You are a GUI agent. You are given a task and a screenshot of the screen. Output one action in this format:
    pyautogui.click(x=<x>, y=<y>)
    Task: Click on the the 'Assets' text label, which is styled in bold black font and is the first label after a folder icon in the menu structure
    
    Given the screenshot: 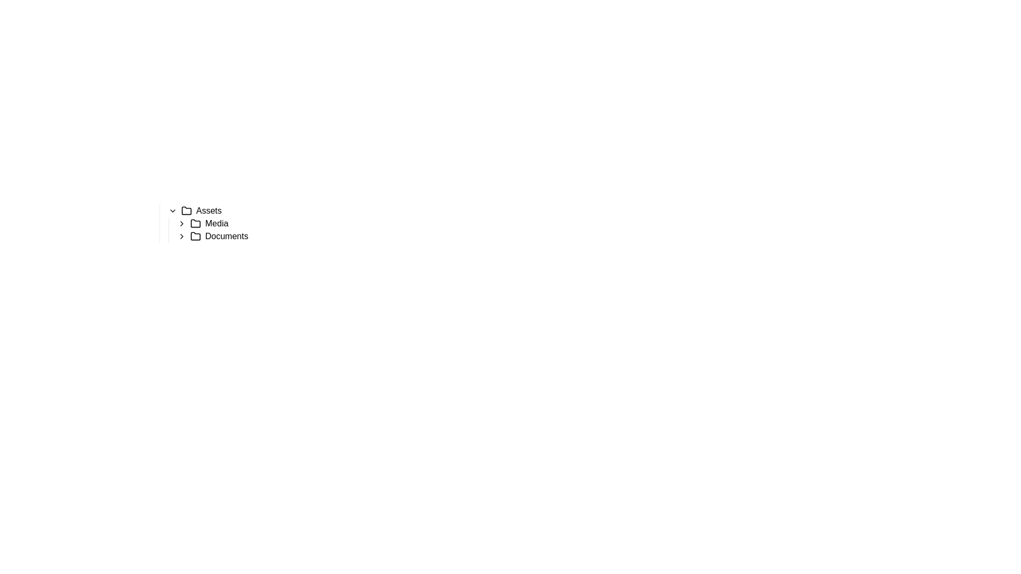 What is the action you would take?
    pyautogui.click(x=209, y=211)
    